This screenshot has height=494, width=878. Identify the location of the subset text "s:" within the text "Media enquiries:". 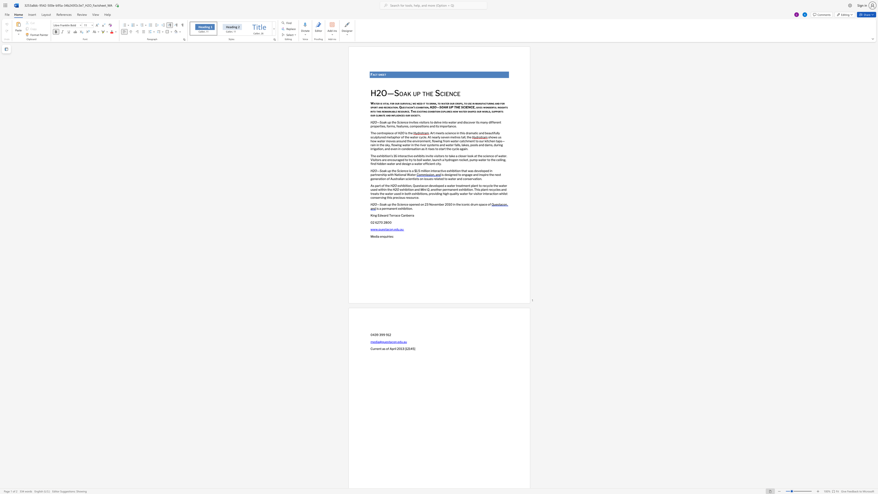
(391, 236).